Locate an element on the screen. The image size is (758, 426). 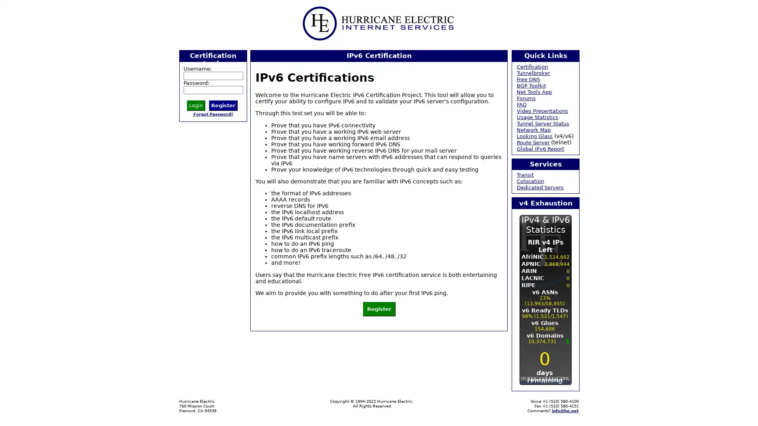
Login is located at coordinates (196, 105).